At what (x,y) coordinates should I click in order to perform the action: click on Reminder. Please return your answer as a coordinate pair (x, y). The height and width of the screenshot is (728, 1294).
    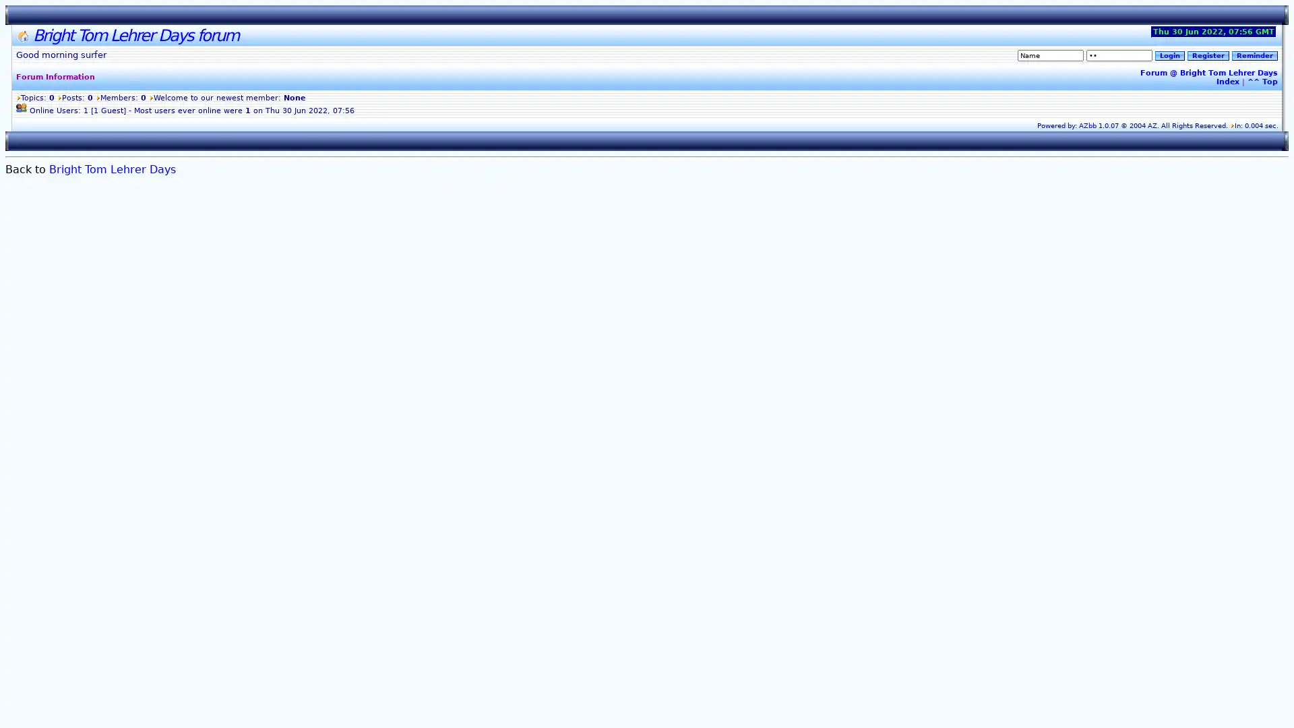
    Looking at the image, I should click on (1254, 54).